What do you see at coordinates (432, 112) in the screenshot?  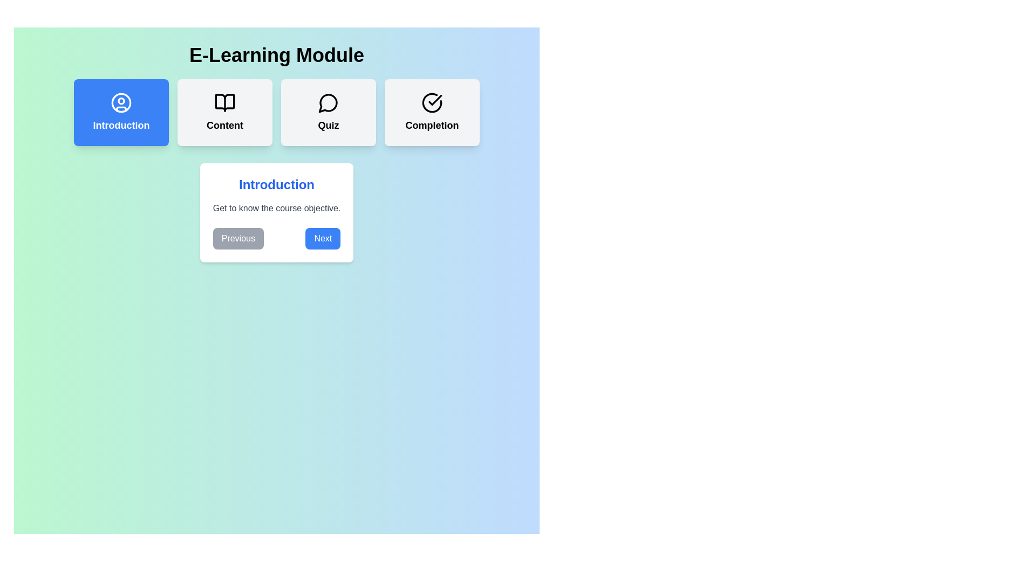 I see `the learning step Completion by clicking its card` at bounding box center [432, 112].